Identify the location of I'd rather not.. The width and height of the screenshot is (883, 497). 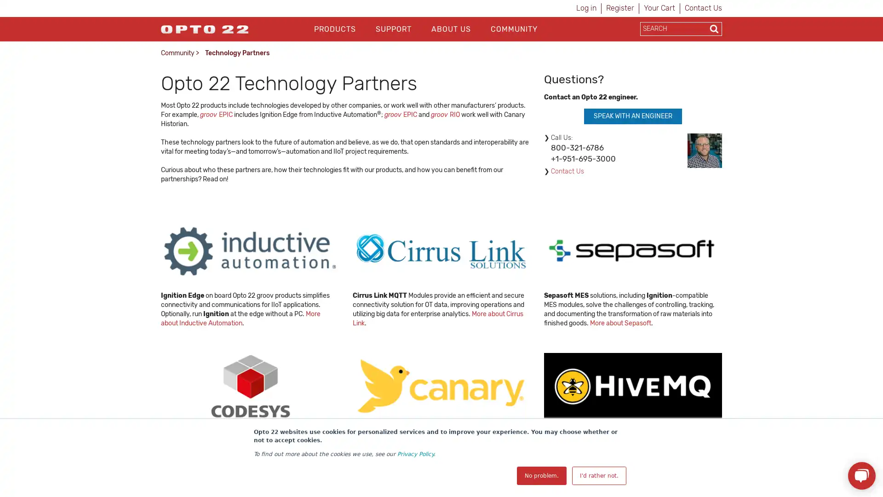
(599, 475).